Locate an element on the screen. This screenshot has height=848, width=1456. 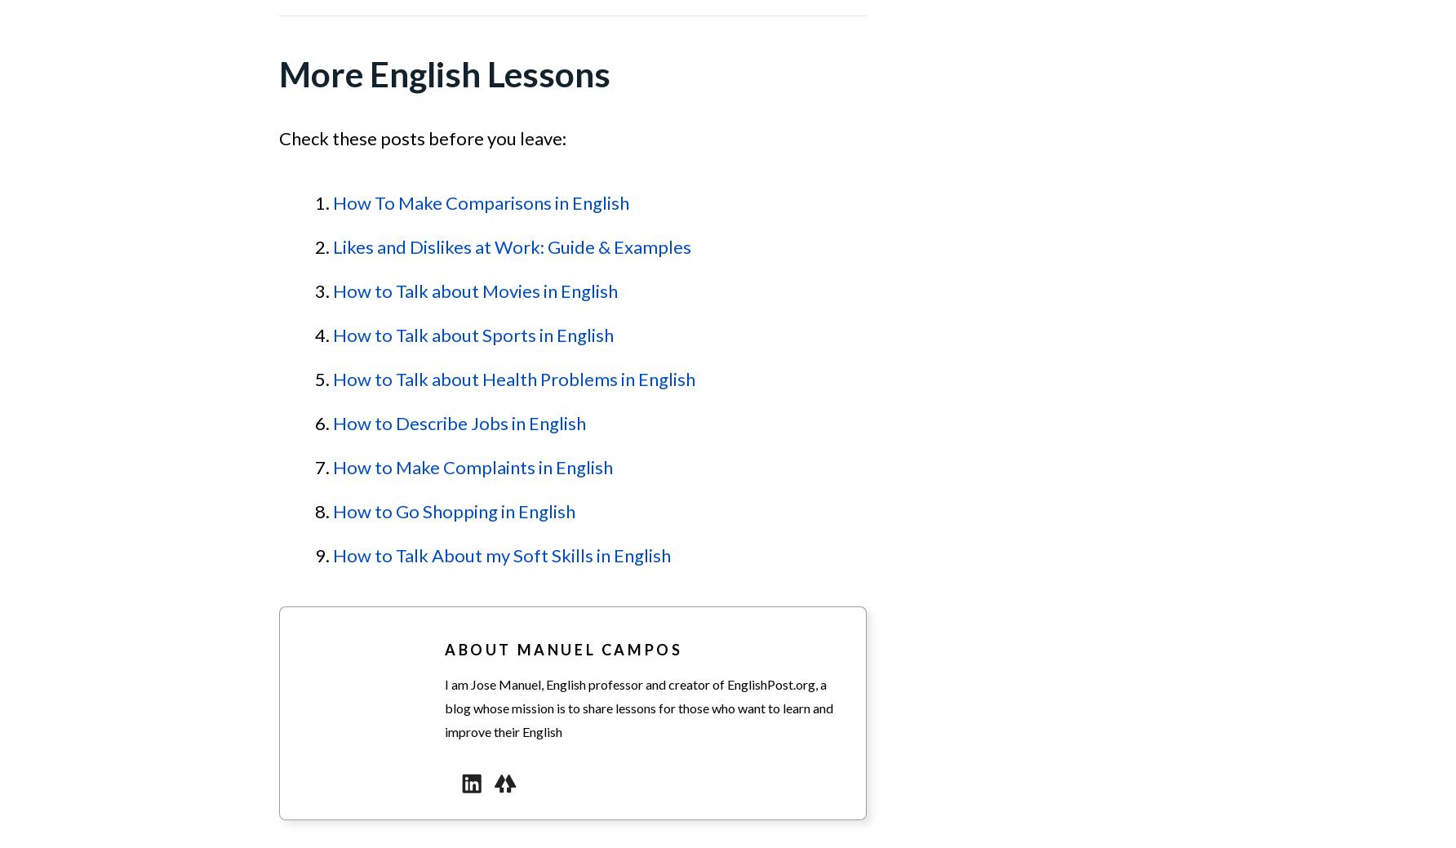
'Likes and Dislikes at Work: Guide & Examples' is located at coordinates (511, 246).